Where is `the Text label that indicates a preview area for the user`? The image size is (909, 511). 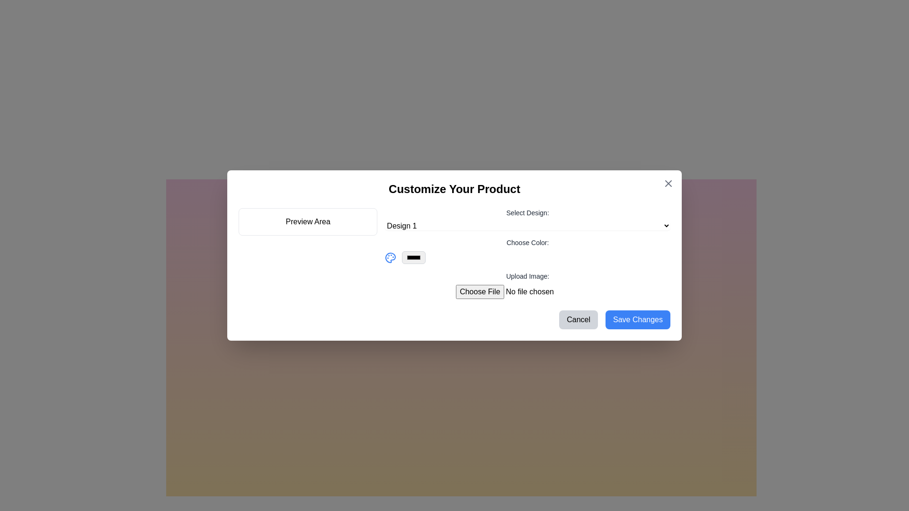
the Text label that indicates a preview area for the user is located at coordinates (308, 222).